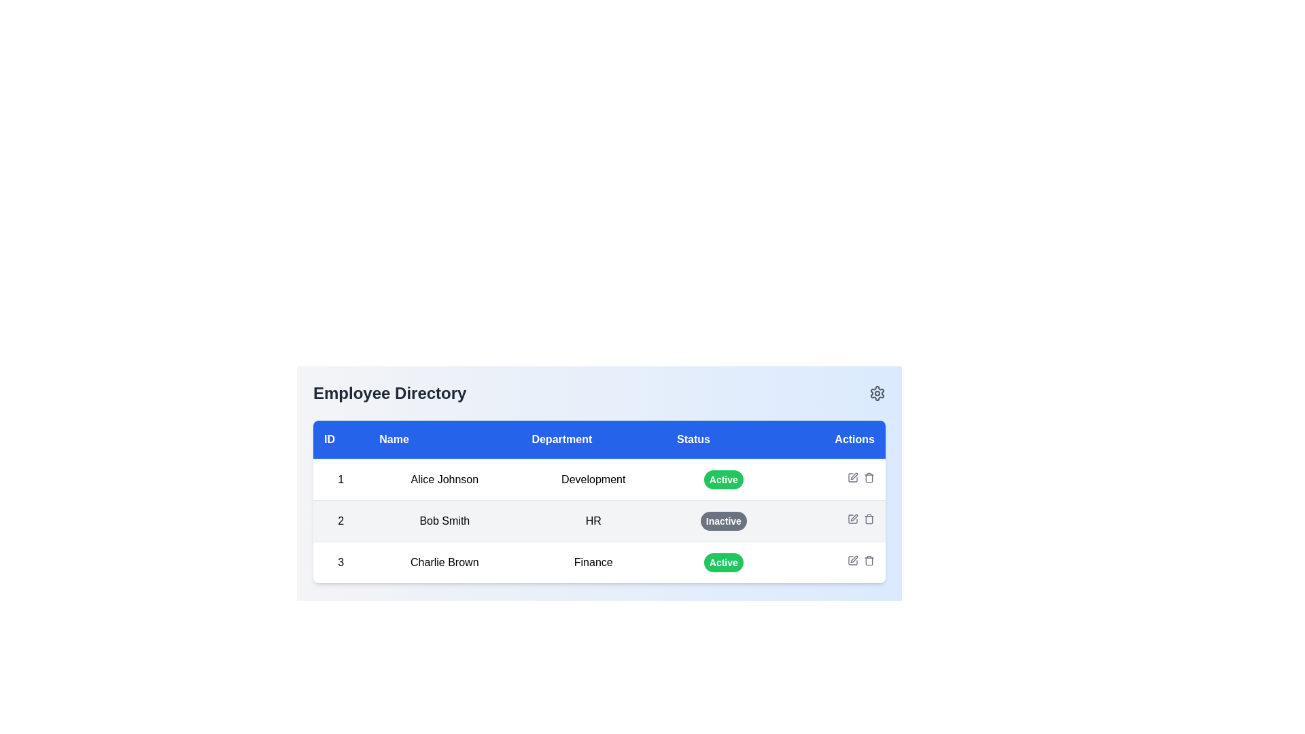 The width and height of the screenshot is (1305, 734). What do you see at coordinates (868, 561) in the screenshot?
I see `the trash (delete) icon in the Actions column for the row labeled 'Charlie Brown'` at bounding box center [868, 561].